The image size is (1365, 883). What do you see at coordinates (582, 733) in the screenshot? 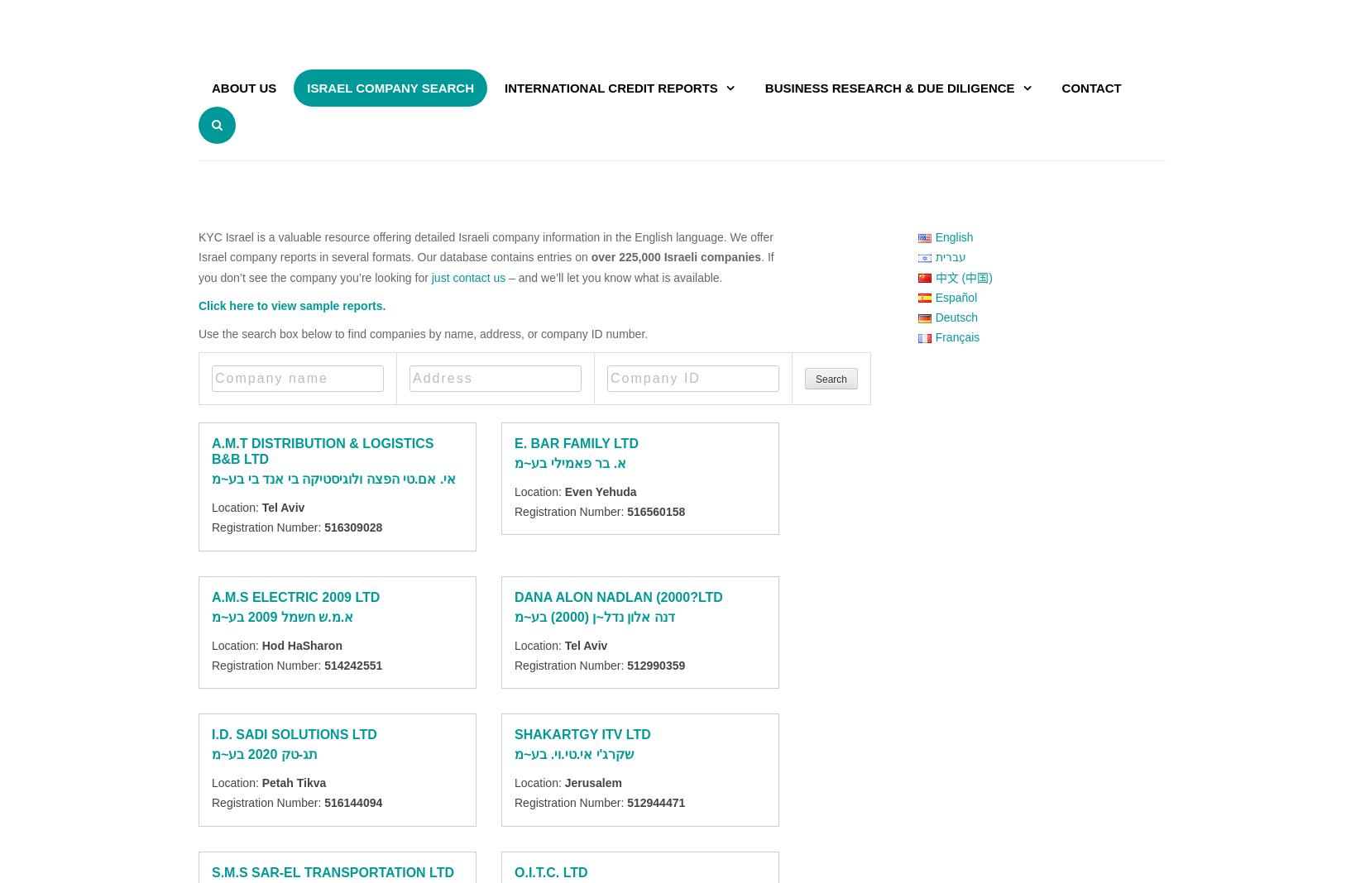
I see `'SHAKARTGY ITV LTD'` at bounding box center [582, 733].